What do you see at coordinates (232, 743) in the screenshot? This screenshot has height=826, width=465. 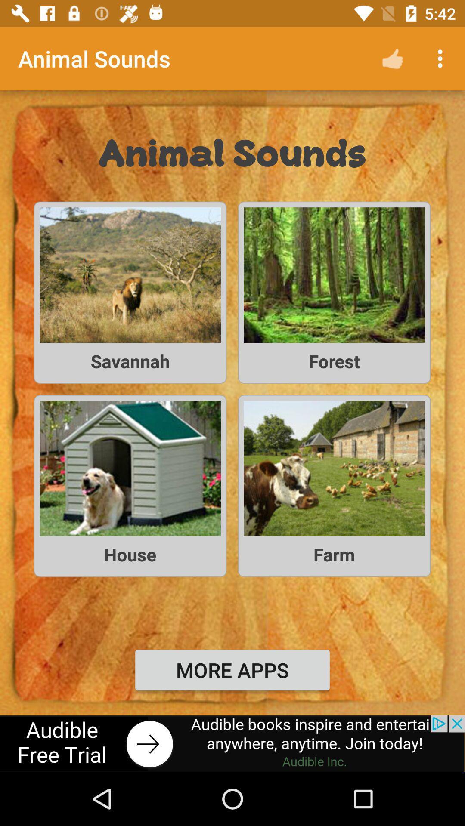 I see `advertising` at bounding box center [232, 743].